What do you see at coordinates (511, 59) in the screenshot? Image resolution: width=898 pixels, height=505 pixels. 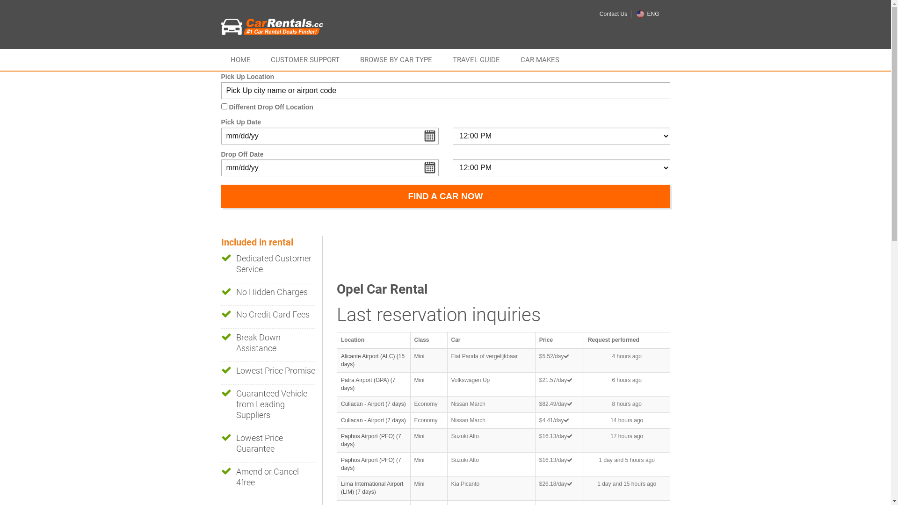 I see `'CAR MAKES'` at bounding box center [511, 59].